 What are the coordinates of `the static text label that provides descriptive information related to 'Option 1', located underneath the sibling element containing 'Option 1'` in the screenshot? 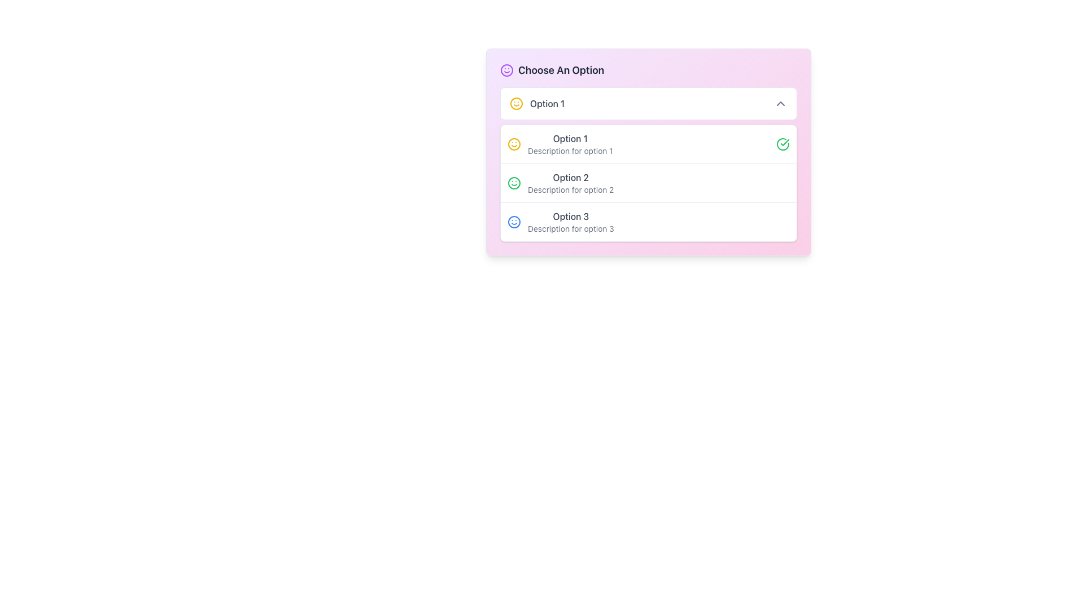 It's located at (570, 150).